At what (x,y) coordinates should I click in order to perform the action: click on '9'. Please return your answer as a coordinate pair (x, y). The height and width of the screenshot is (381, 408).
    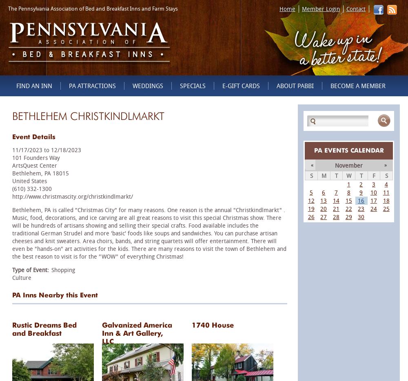
    Looking at the image, I should click on (361, 191).